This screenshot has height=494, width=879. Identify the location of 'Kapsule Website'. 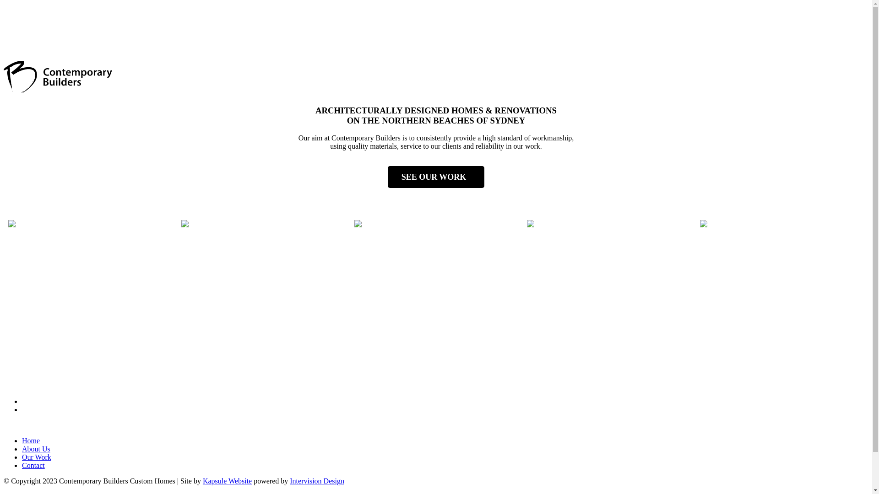
(227, 480).